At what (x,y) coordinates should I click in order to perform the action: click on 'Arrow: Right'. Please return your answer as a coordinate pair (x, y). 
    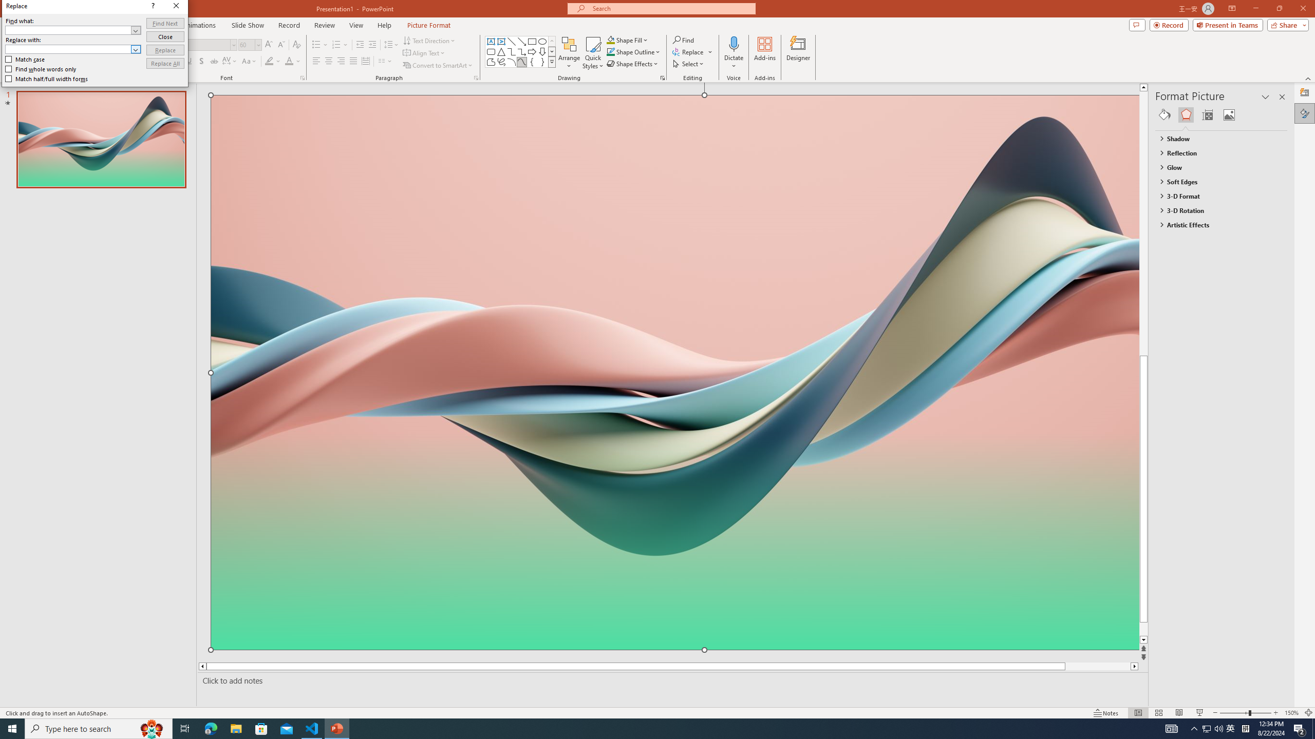
    Looking at the image, I should click on (532, 51).